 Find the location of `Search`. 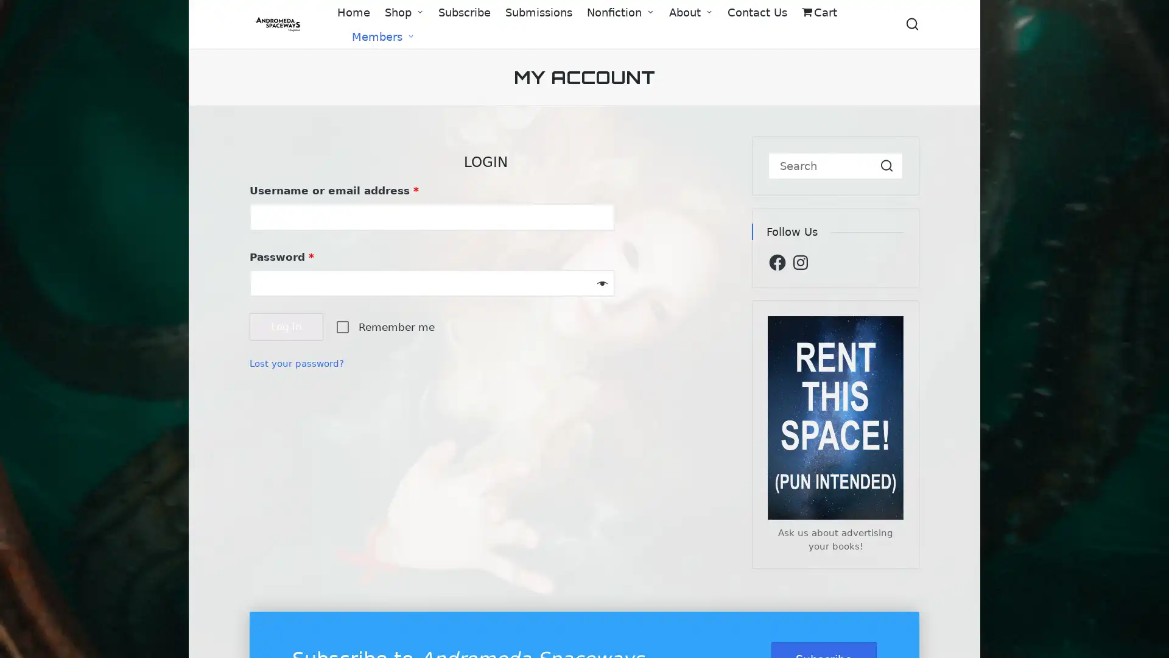

Search is located at coordinates (886, 166).